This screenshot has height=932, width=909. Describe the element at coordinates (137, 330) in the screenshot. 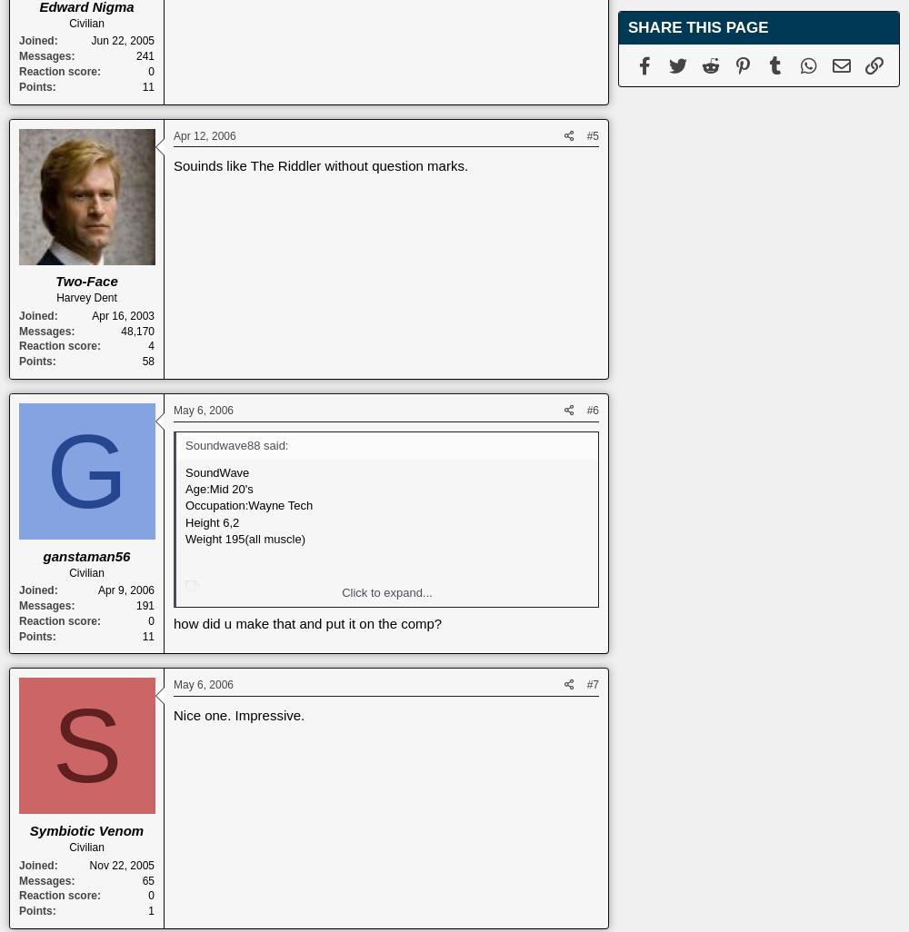

I see `'48,170'` at that location.